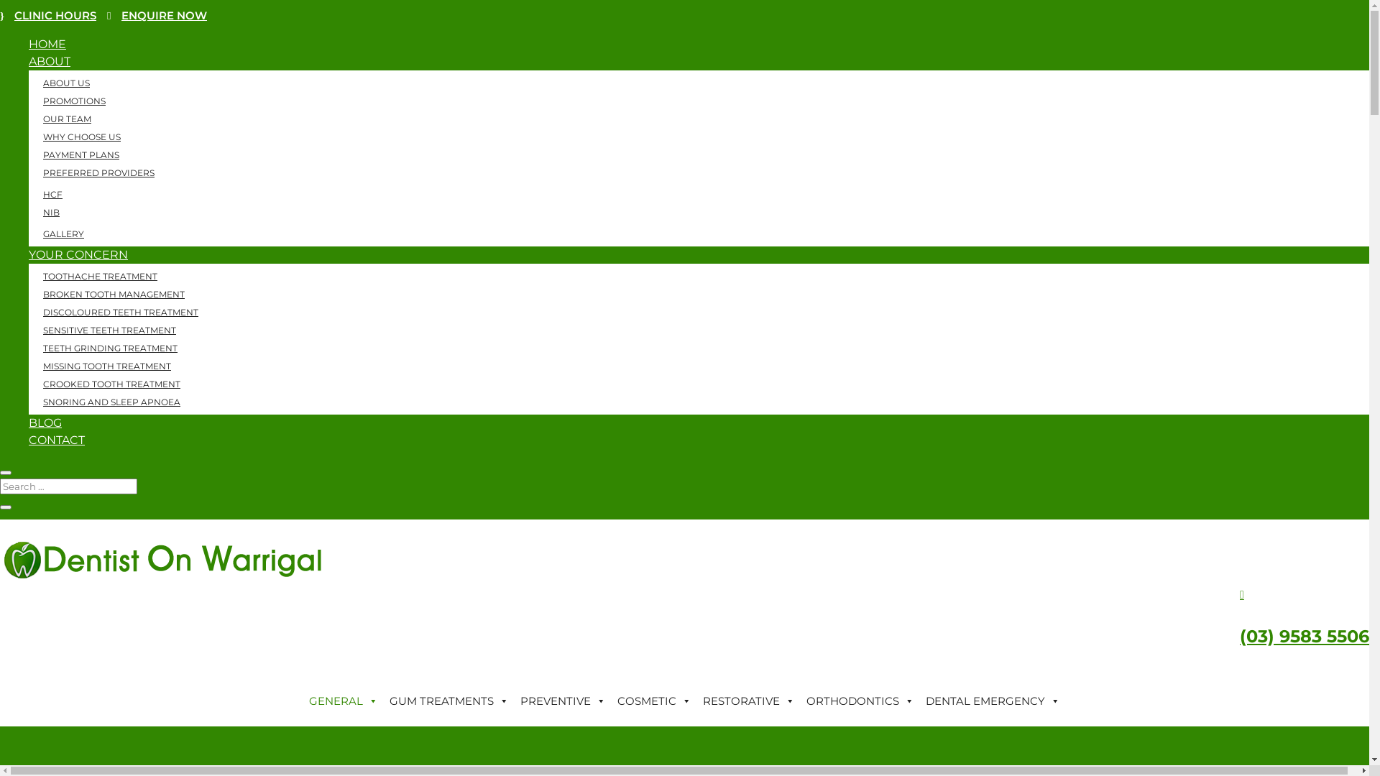  What do you see at coordinates (66, 118) in the screenshot?
I see `'OUR TEAM'` at bounding box center [66, 118].